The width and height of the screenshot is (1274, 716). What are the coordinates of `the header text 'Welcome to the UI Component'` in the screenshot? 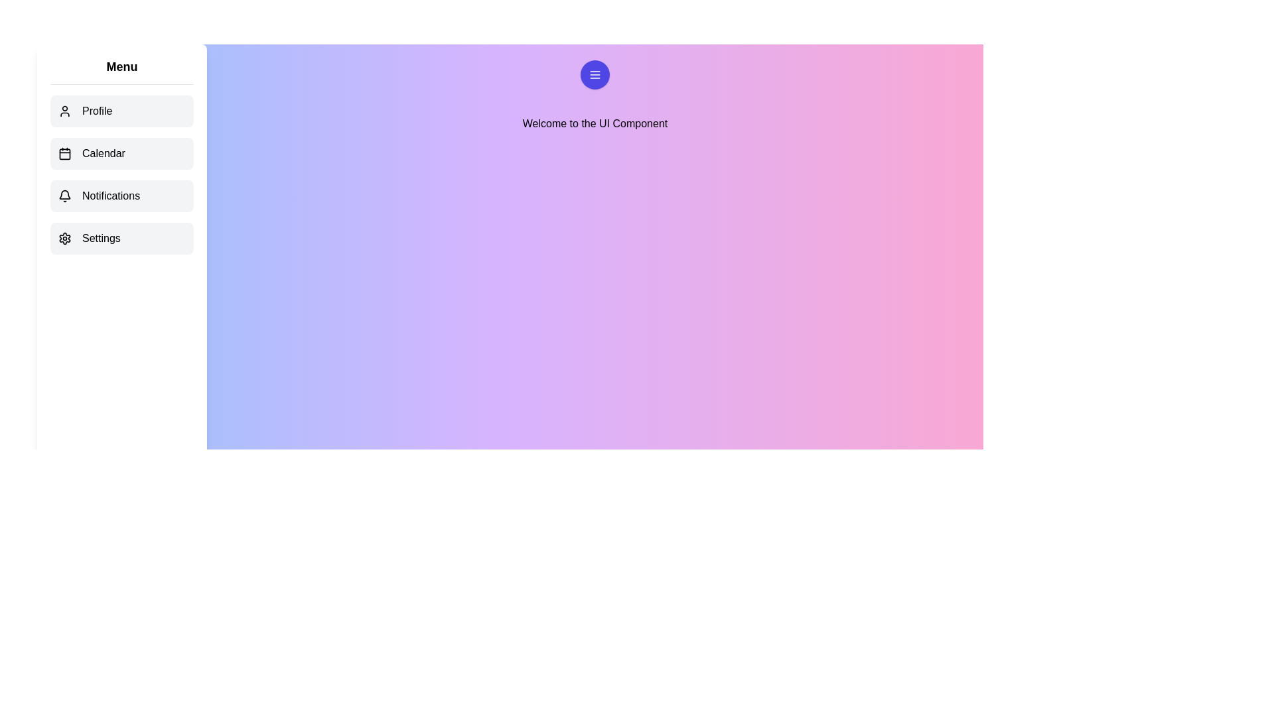 It's located at (595, 123).